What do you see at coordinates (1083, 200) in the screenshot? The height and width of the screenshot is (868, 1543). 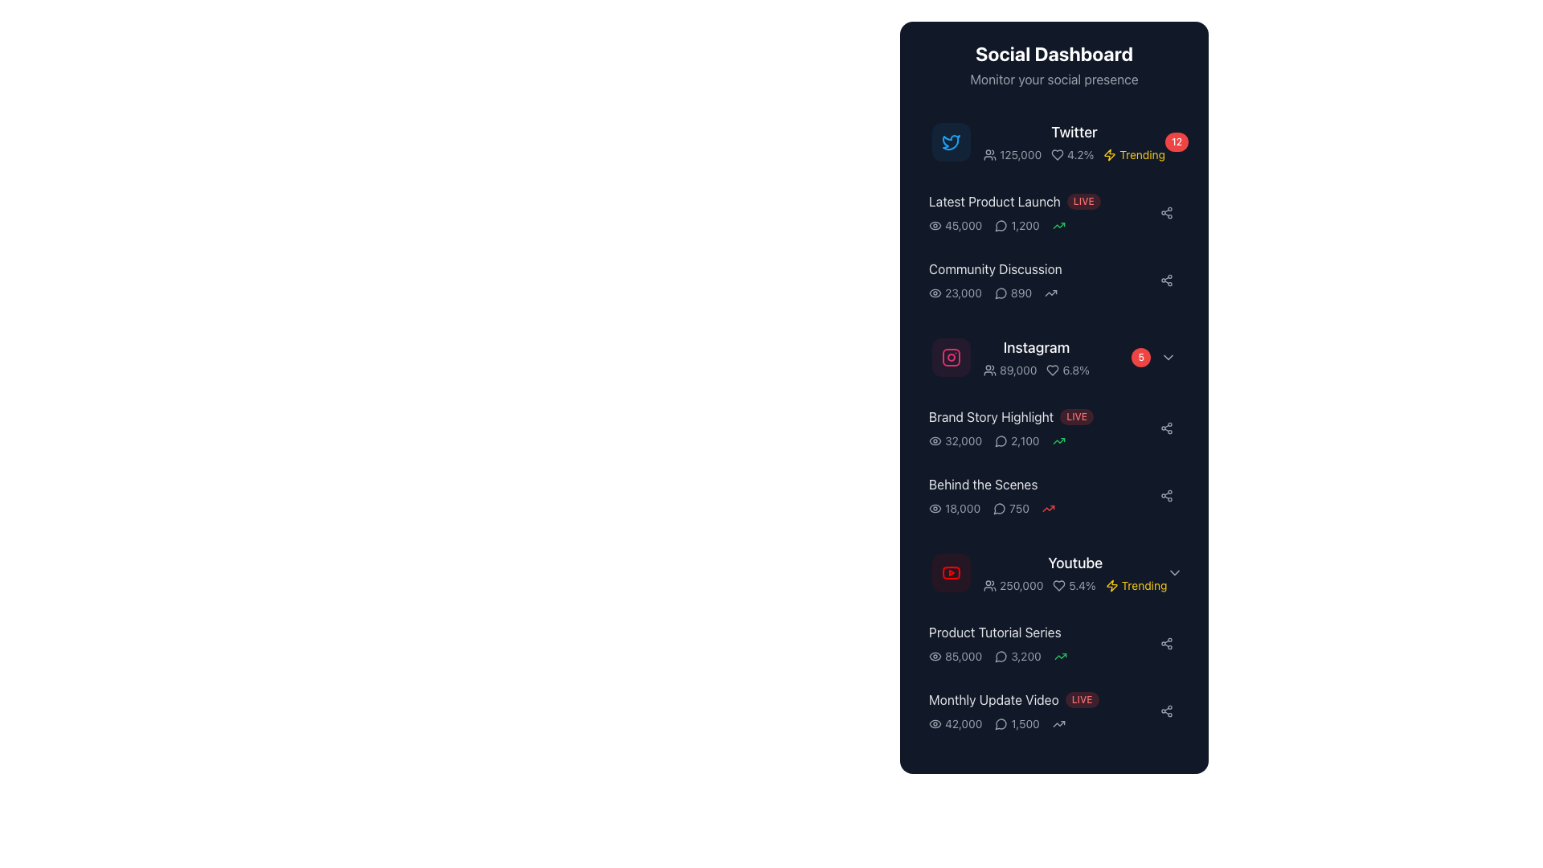 I see `the 'LIVE' badge, which is a rounded rectangle shape with a bold light red text on a dark background, located to the right of 'Latest Product Launch' in the 'Social Dashboard' section` at bounding box center [1083, 200].